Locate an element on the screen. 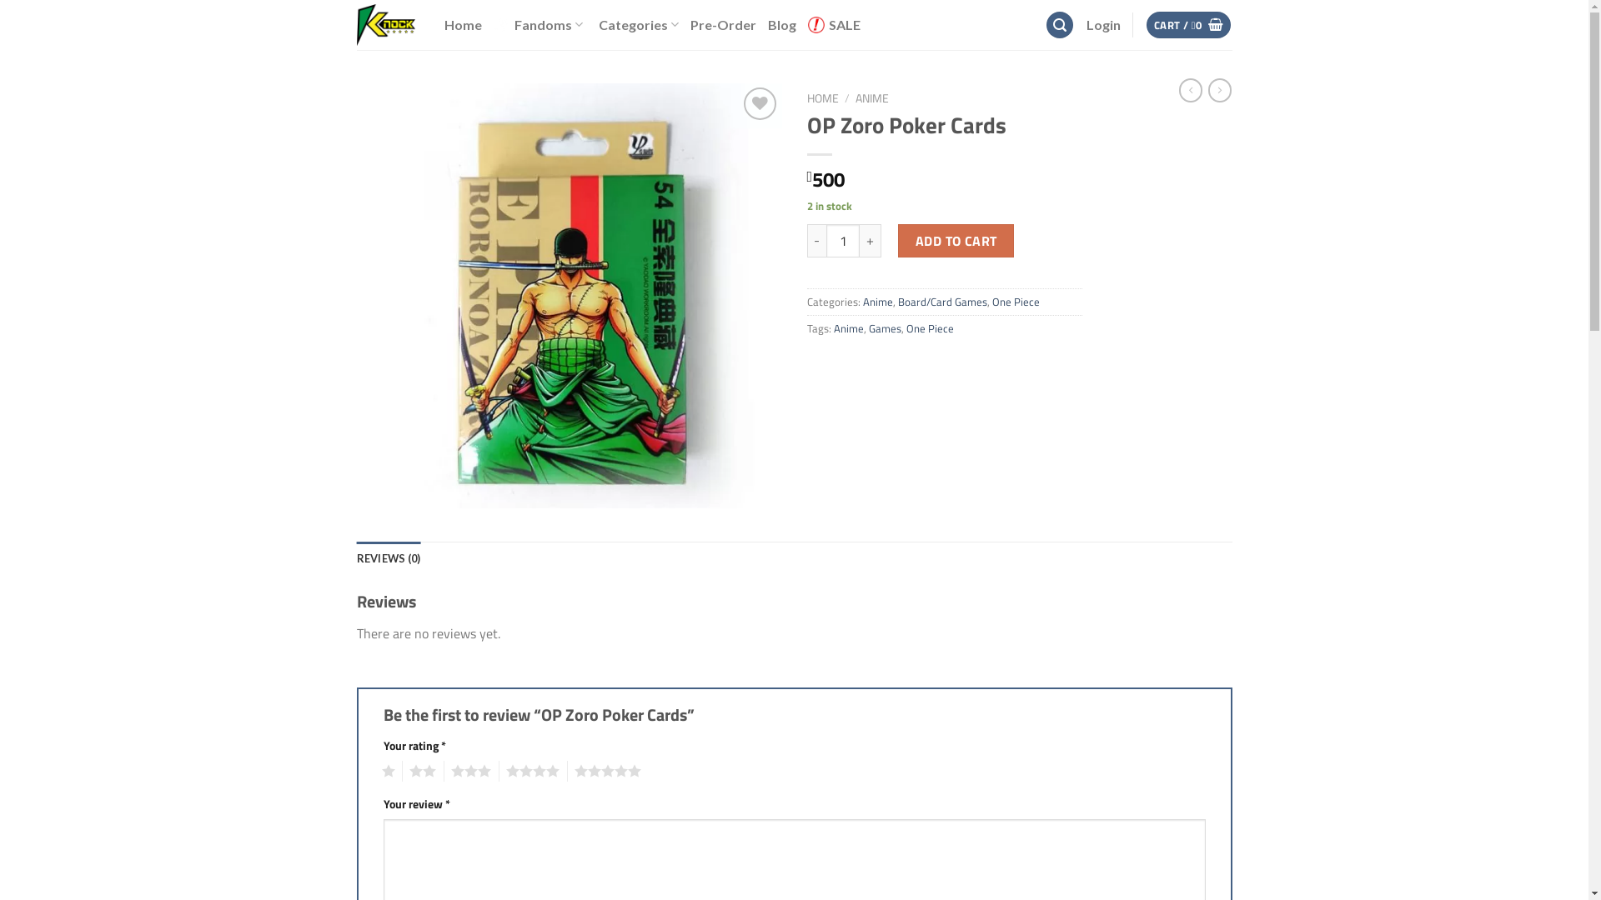 This screenshot has height=900, width=1601. 'HOME' is located at coordinates (823, 98).